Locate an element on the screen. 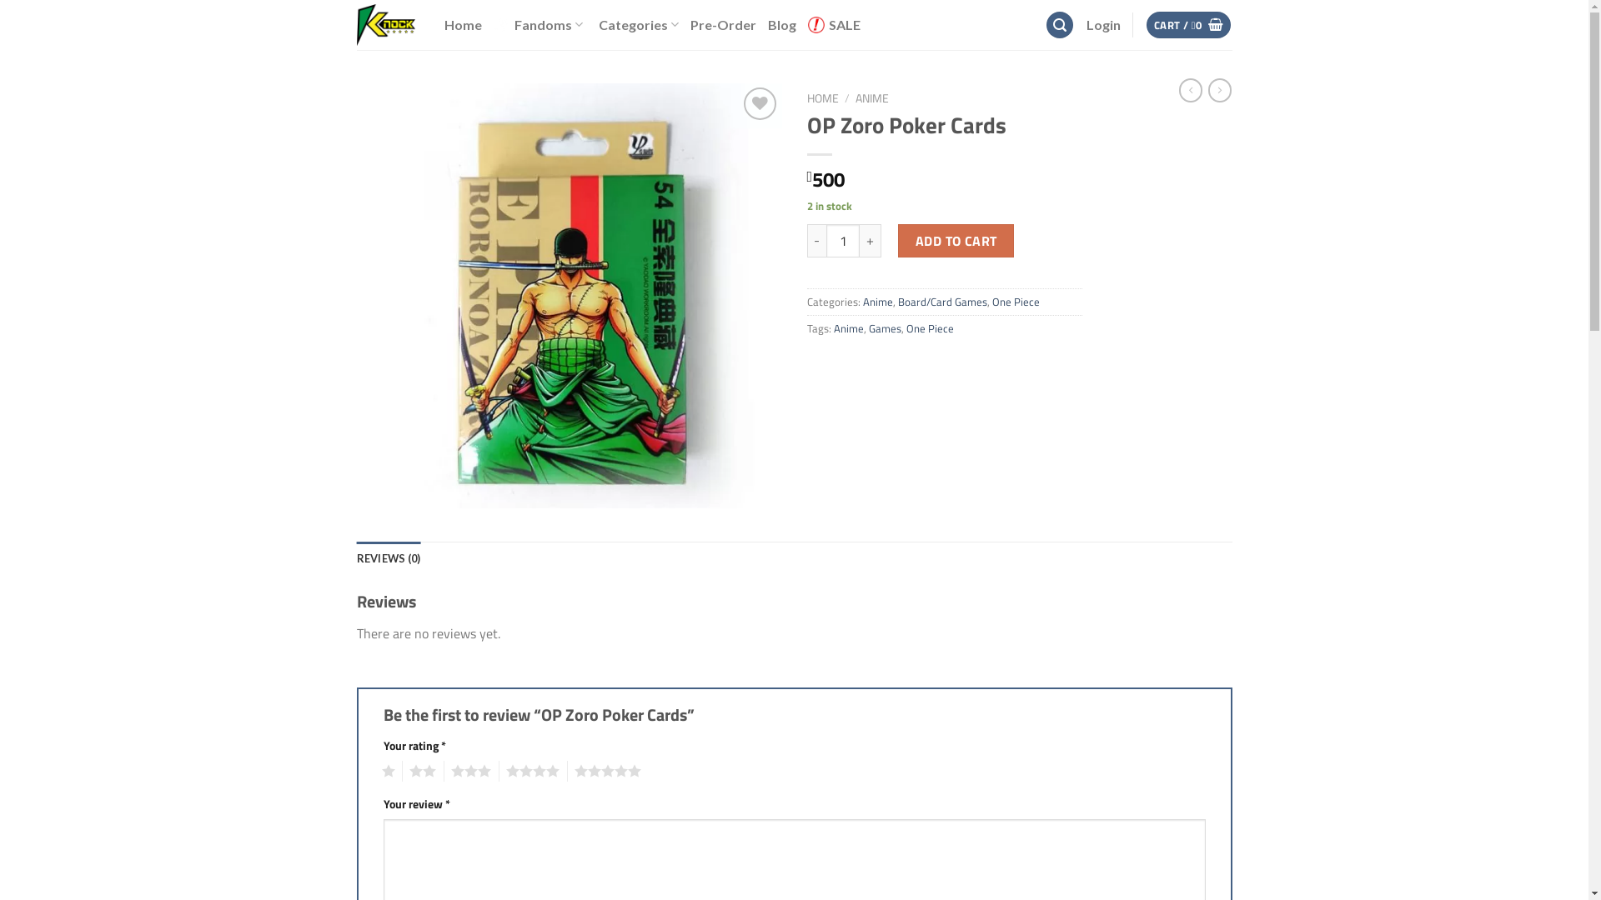 This screenshot has height=900, width=1601. 'HOME' is located at coordinates (823, 98).